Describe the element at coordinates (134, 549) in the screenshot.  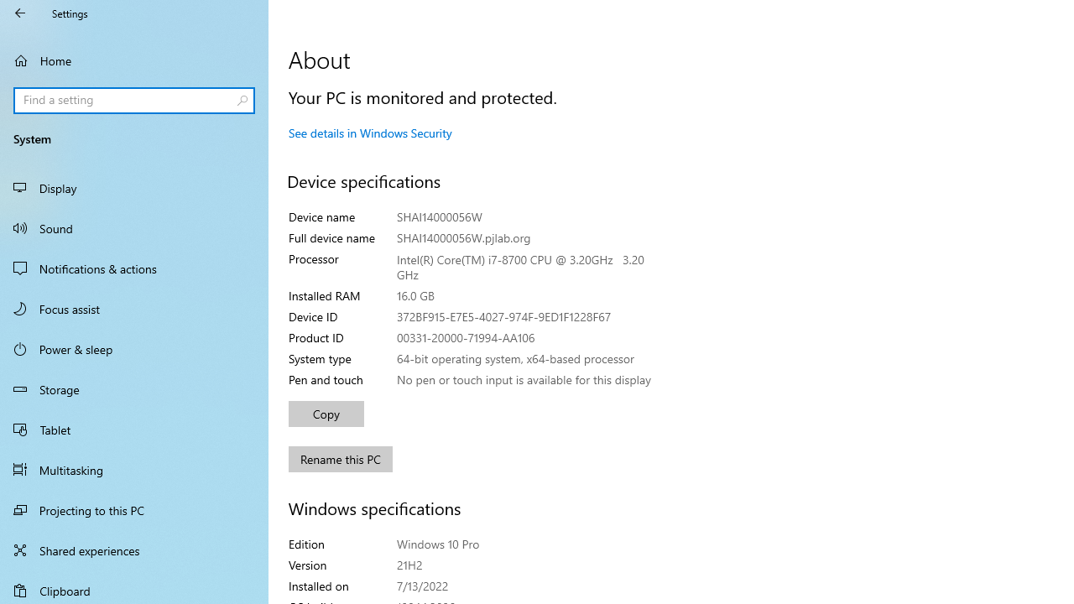
I see `'Shared experiences'` at that location.